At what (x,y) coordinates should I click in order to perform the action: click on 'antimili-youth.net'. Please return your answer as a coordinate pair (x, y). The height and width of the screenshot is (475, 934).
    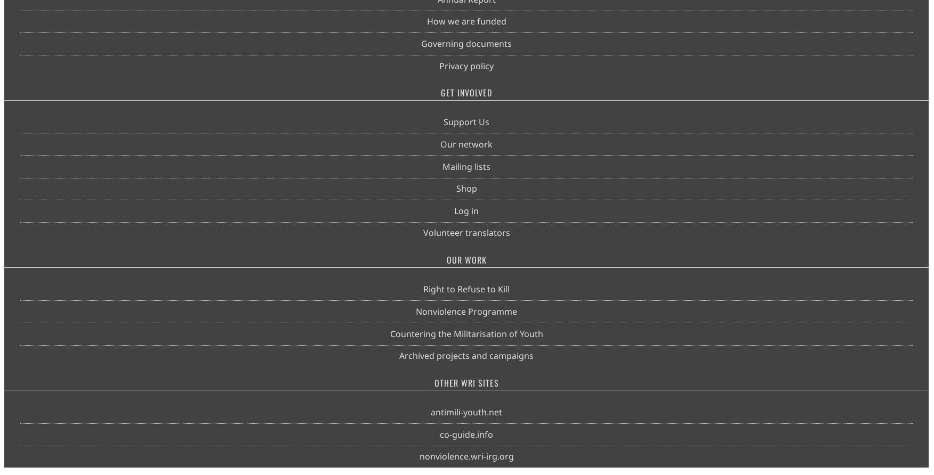
    Looking at the image, I should click on (430, 412).